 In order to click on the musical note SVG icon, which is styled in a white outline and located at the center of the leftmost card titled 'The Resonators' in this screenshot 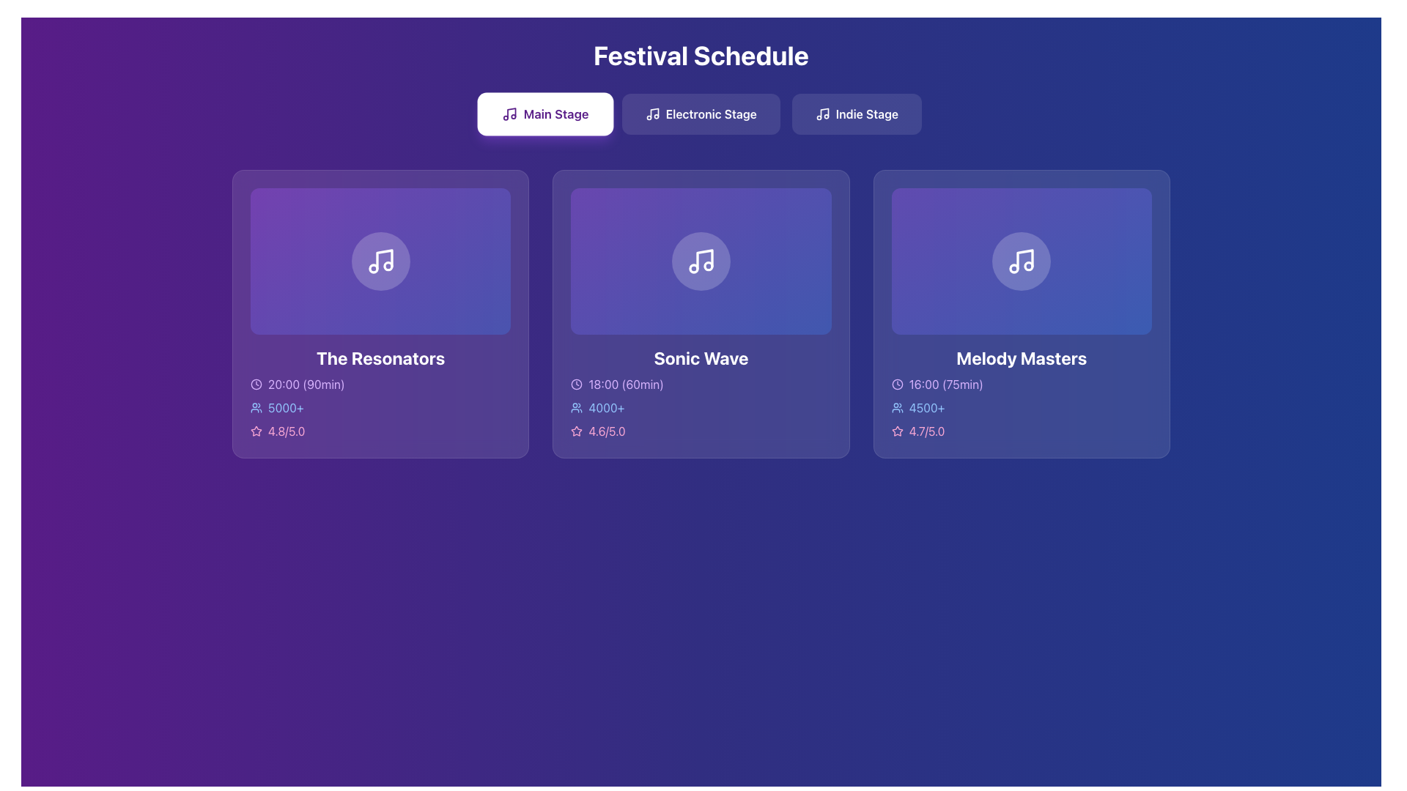, I will do `click(384, 259)`.